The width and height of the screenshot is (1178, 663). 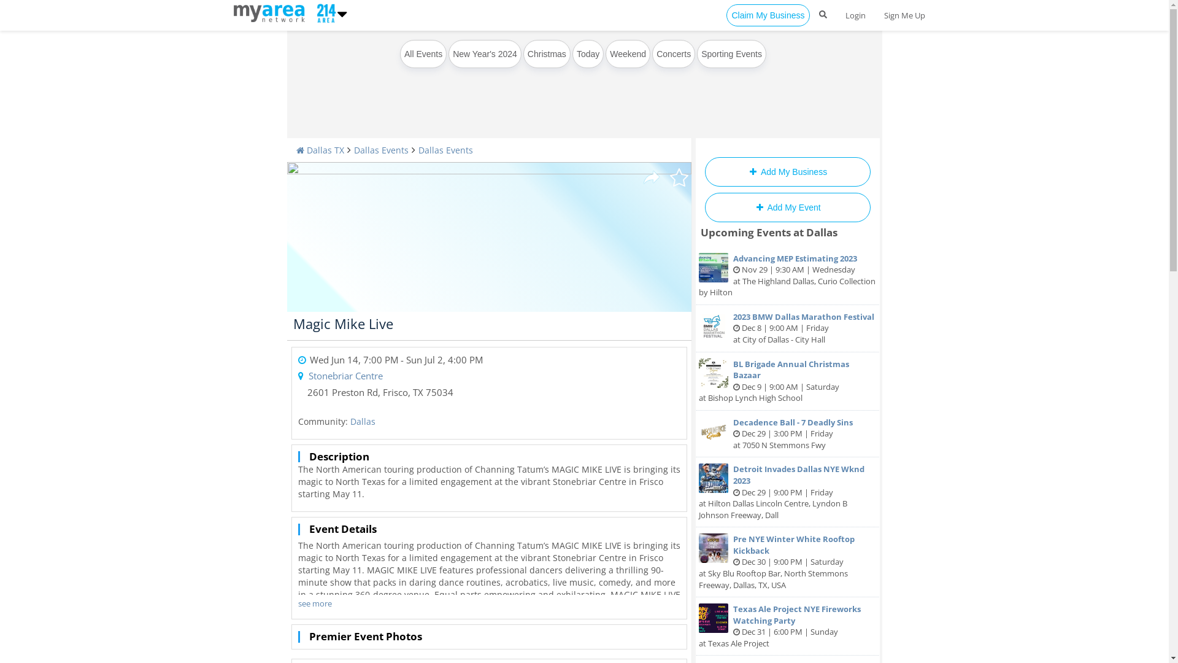 What do you see at coordinates (701, 232) in the screenshot?
I see `'Upcoming Events at Dallas'` at bounding box center [701, 232].